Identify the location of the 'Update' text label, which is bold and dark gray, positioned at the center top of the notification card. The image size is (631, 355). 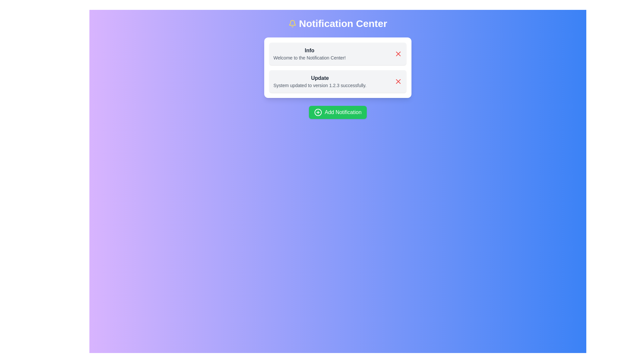
(320, 78).